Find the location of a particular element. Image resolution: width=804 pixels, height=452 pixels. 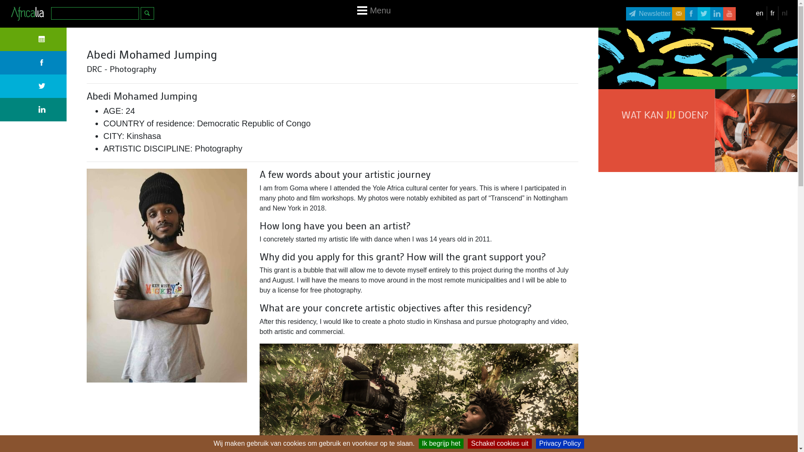

'Zoeken' is located at coordinates (141, 13).